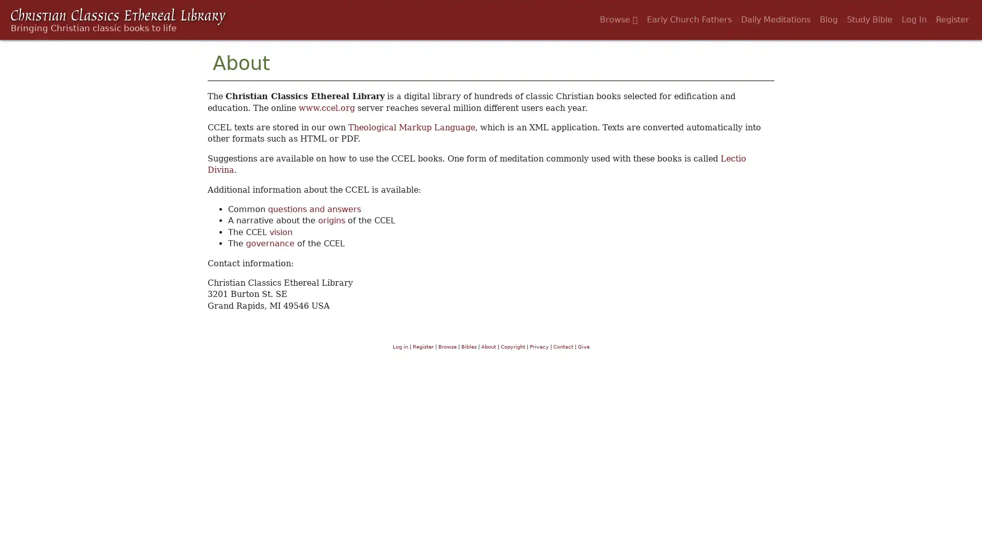  What do you see at coordinates (952, 19) in the screenshot?
I see `Register` at bounding box center [952, 19].